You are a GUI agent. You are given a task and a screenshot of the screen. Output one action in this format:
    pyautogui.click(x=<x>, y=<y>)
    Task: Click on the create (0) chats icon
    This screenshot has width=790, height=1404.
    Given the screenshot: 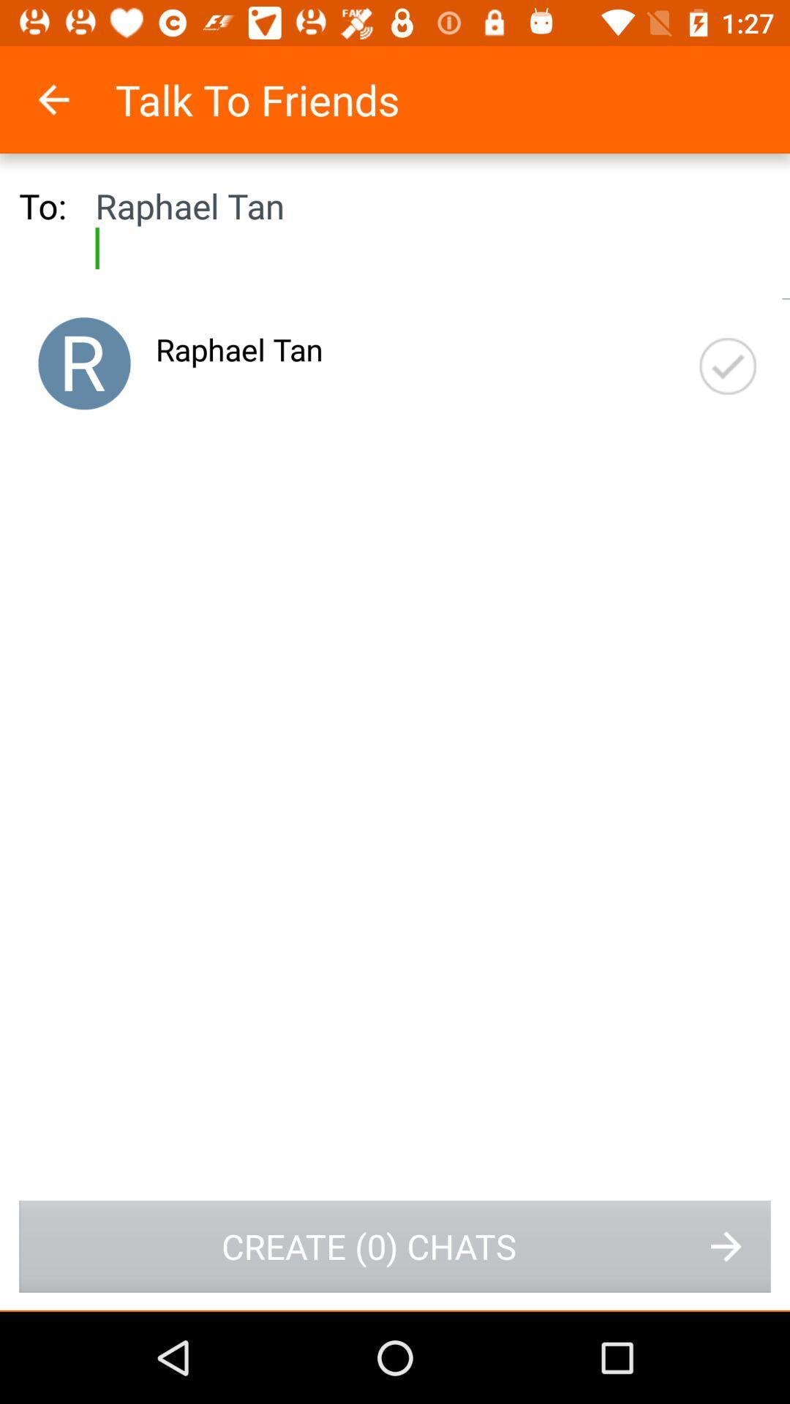 What is the action you would take?
    pyautogui.click(x=395, y=1245)
    